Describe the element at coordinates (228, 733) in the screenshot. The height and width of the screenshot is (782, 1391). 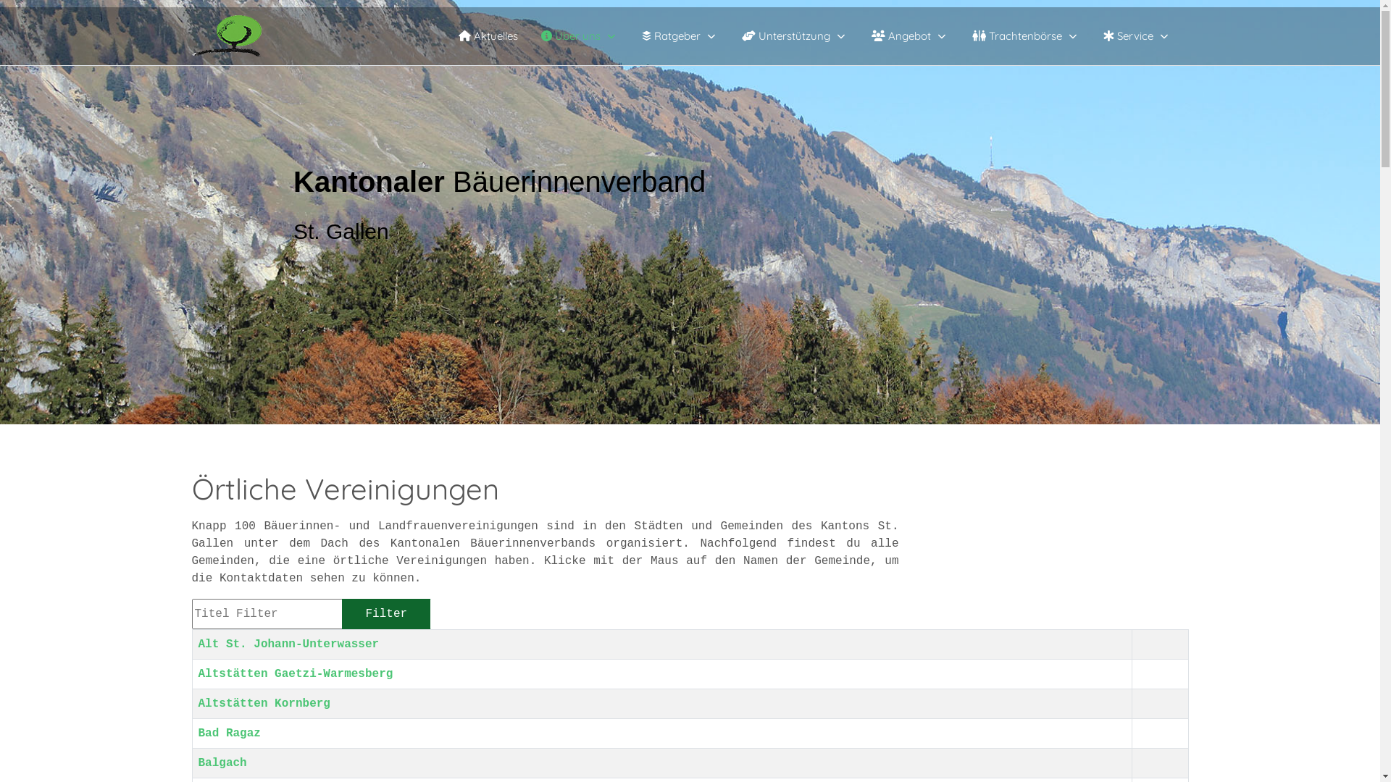
I see `'Bad Ragaz'` at that location.